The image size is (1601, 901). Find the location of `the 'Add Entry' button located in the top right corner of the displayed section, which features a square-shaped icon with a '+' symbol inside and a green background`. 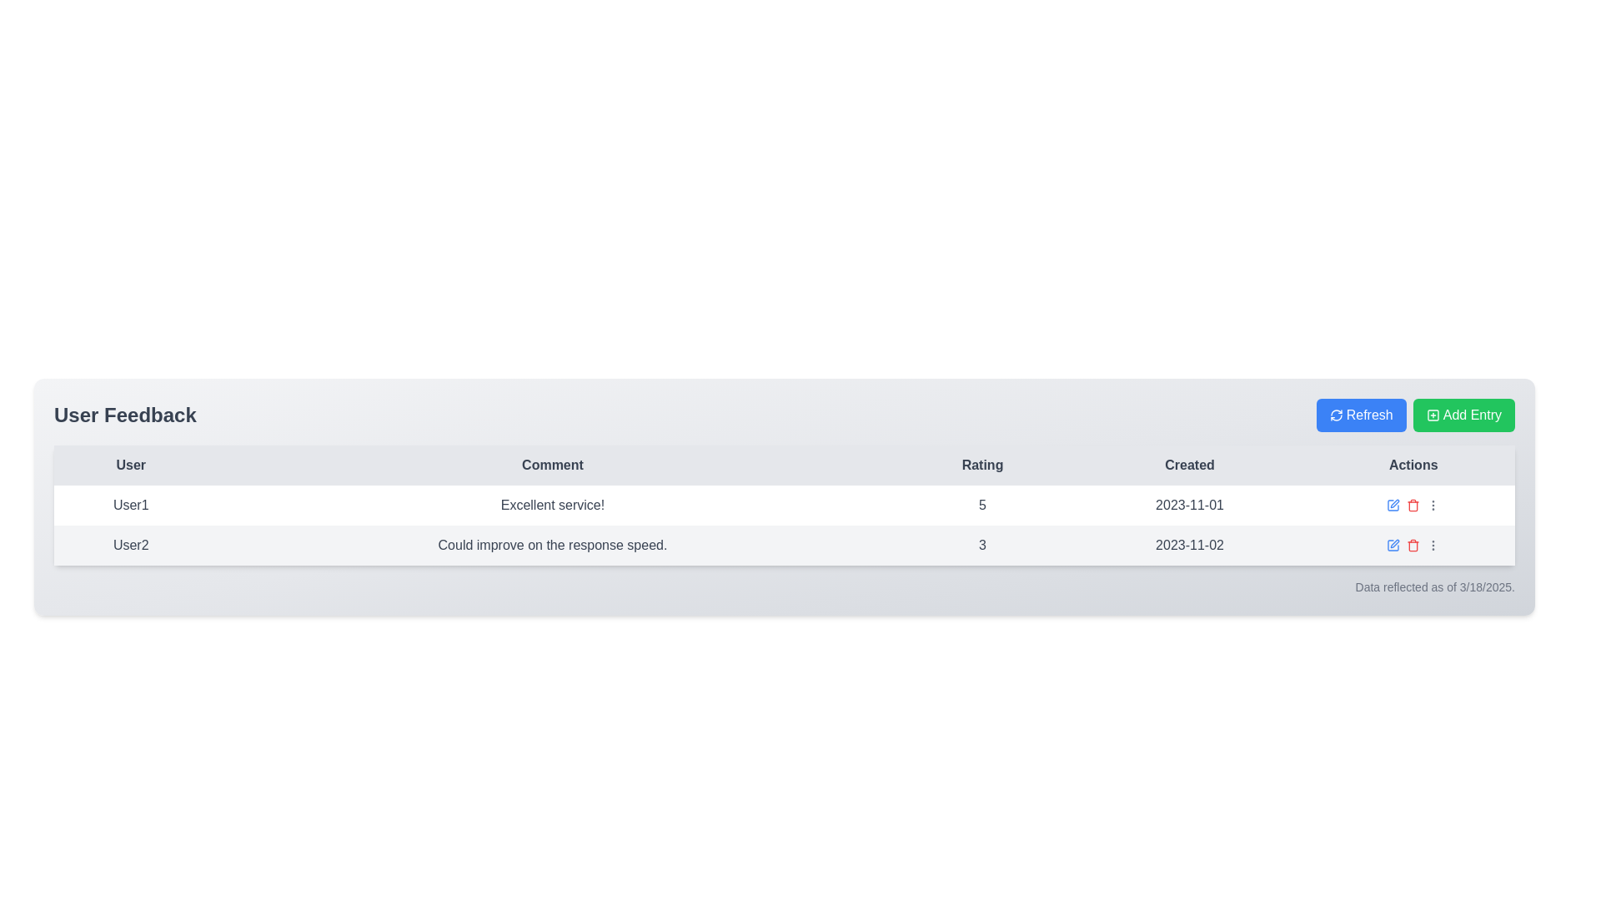

the 'Add Entry' button located in the top right corner of the displayed section, which features a square-shaped icon with a '+' symbol inside and a green background is located at coordinates (1432, 414).